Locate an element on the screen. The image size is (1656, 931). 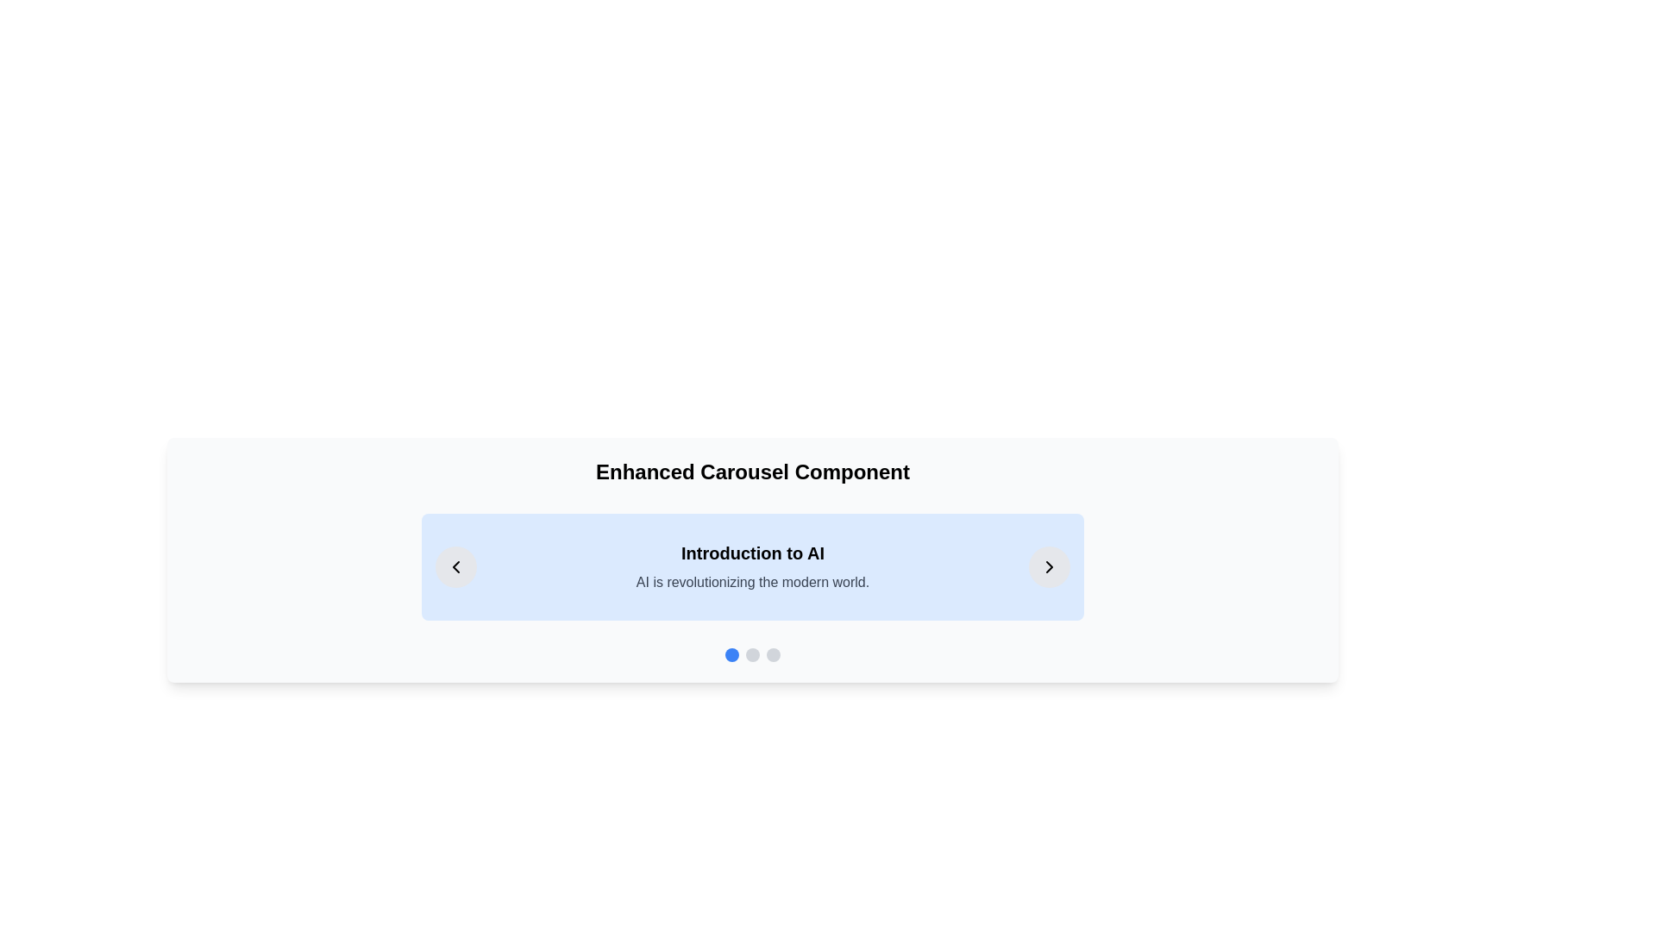
the Carousel item that displays a headline and subtext about 'AI' within the 'Enhanced Carousel Component' is located at coordinates (753, 567).